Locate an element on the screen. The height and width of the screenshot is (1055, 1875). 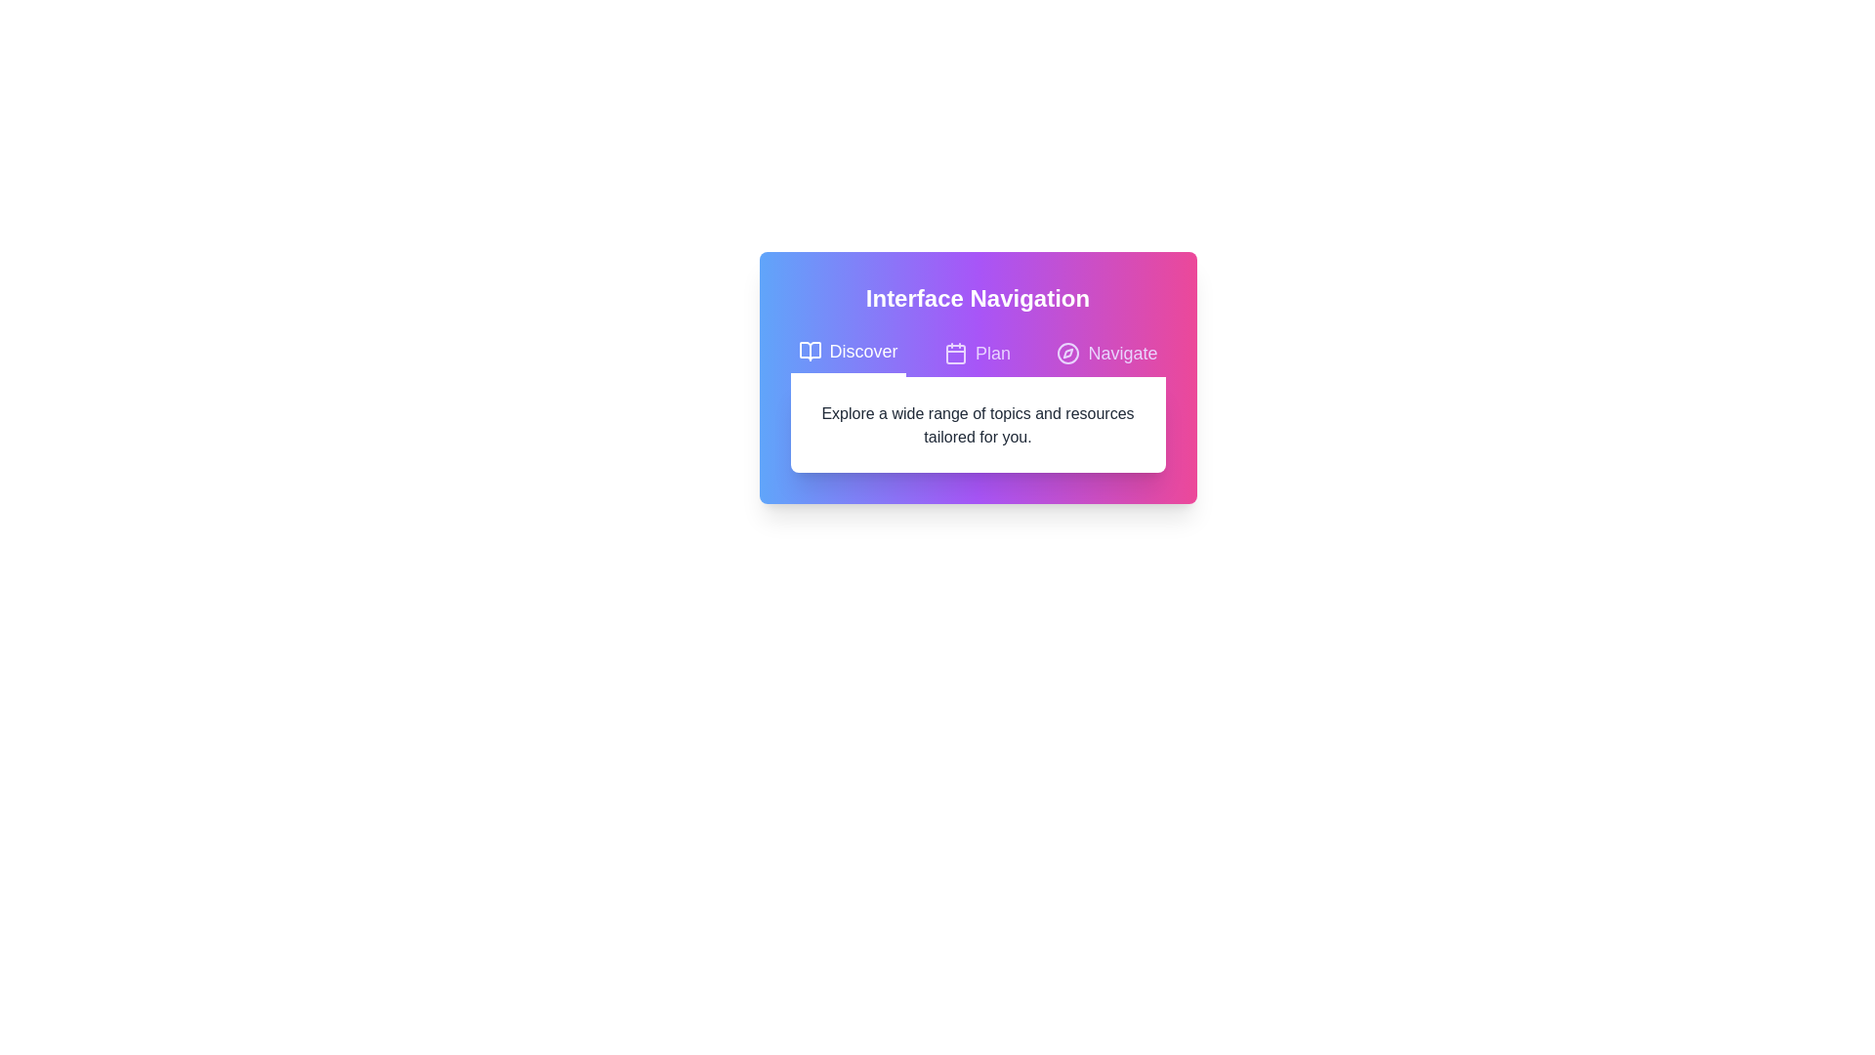
the 'Navigate' icon in the navigation bar is located at coordinates (1067, 354).